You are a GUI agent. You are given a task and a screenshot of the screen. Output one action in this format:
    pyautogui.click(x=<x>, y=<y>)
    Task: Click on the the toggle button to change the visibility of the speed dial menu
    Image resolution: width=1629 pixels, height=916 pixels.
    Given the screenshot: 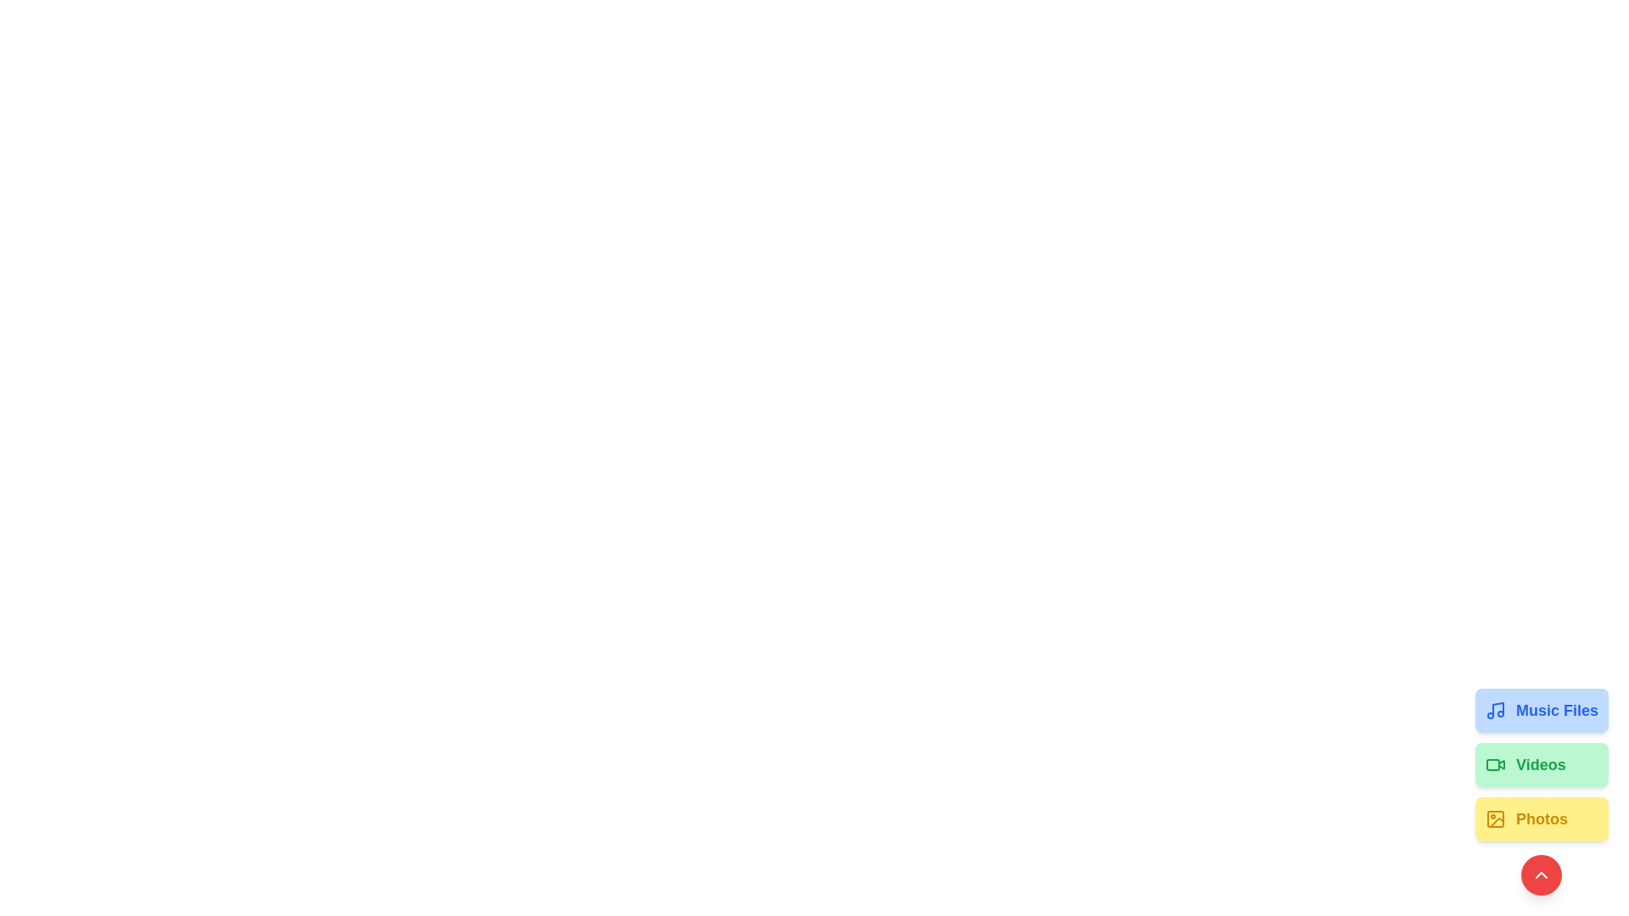 What is the action you would take?
    pyautogui.click(x=1542, y=875)
    